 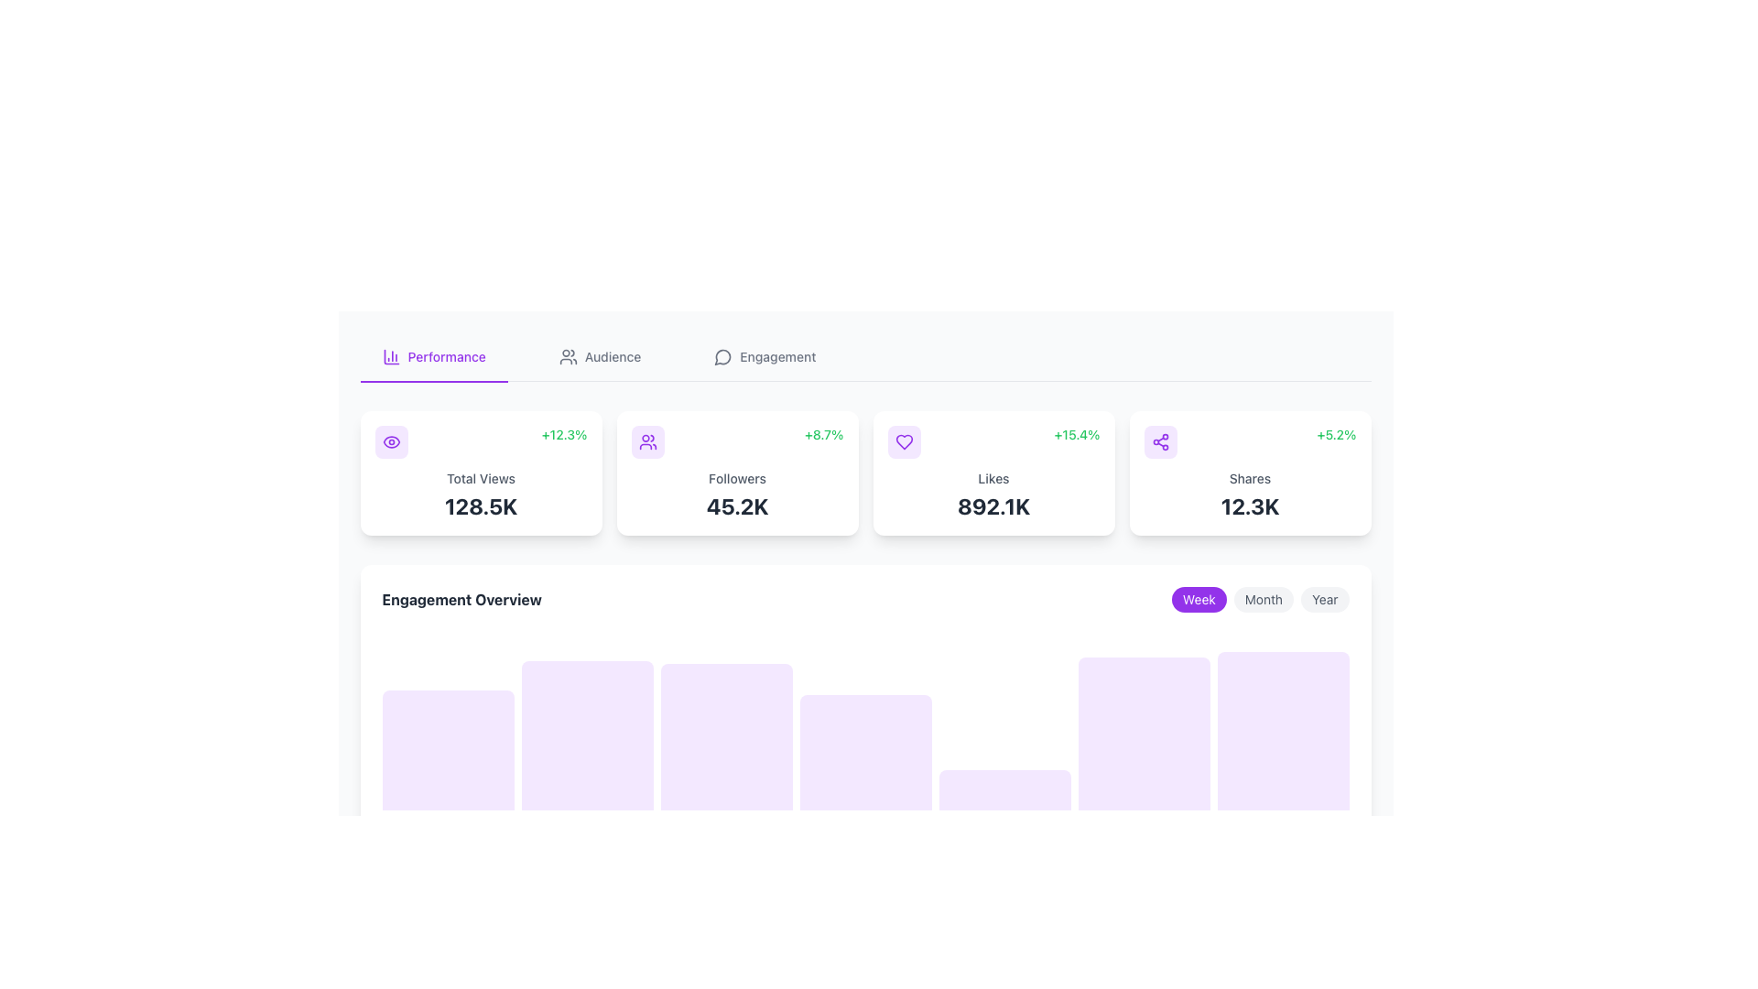 What do you see at coordinates (390, 441) in the screenshot?
I see `the decorative icon in the top-left corner of the performance overview section, which symbolizes 'views' or 'eye count'` at bounding box center [390, 441].